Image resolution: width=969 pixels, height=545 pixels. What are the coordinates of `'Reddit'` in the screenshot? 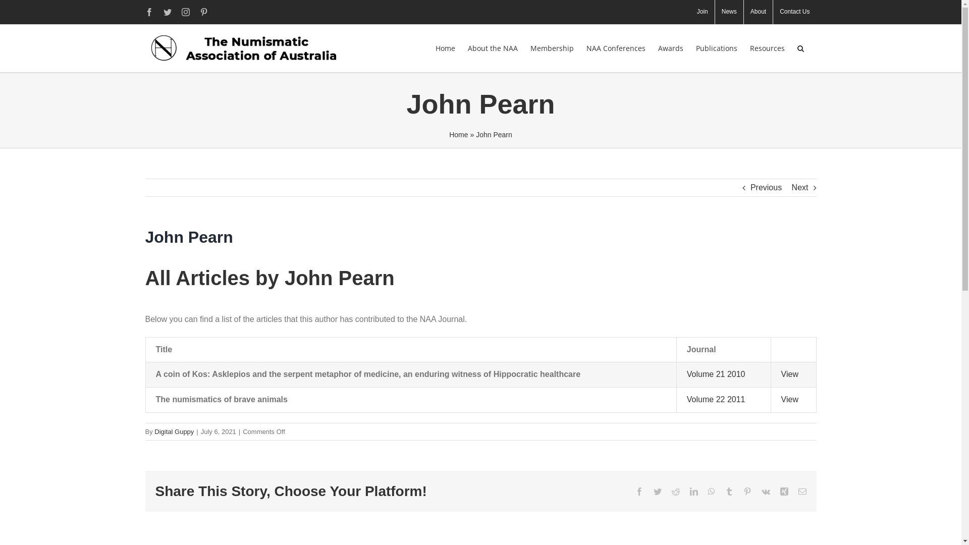 It's located at (675, 491).